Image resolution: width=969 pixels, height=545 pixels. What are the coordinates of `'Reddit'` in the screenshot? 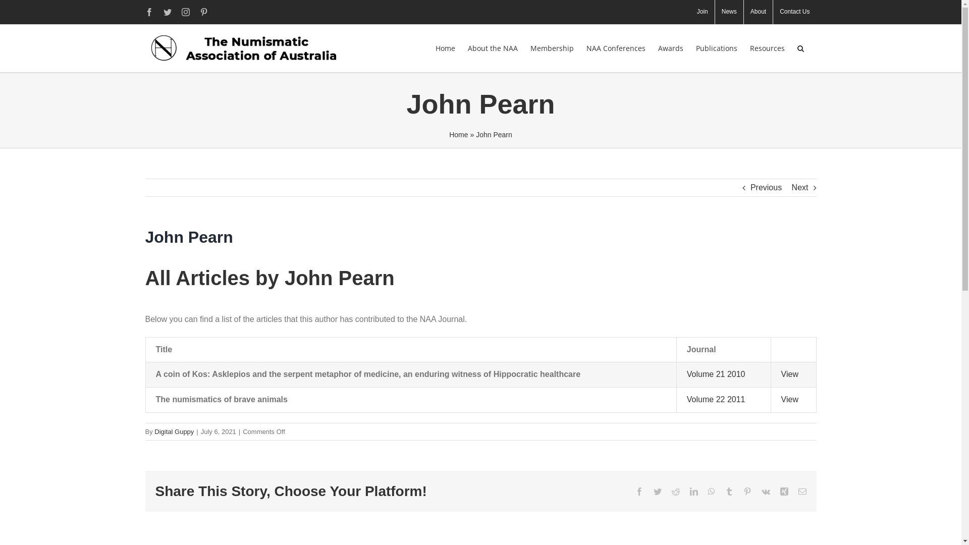 It's located at (675, 491).